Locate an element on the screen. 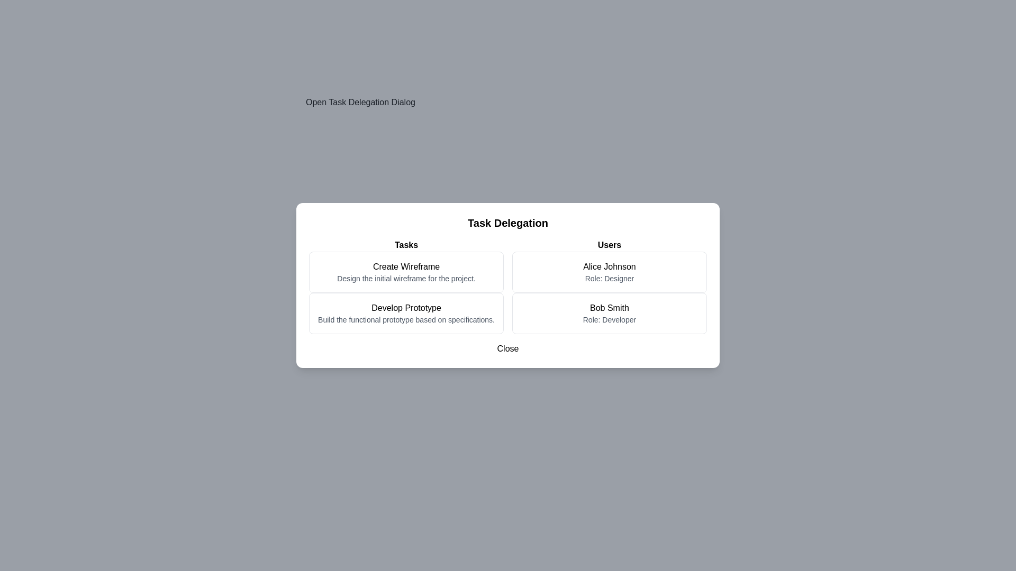 The width and height of the screenshot is (1016, 571). the 'Open Task Delegation Dialog' button is located at coordinates (360, 102).